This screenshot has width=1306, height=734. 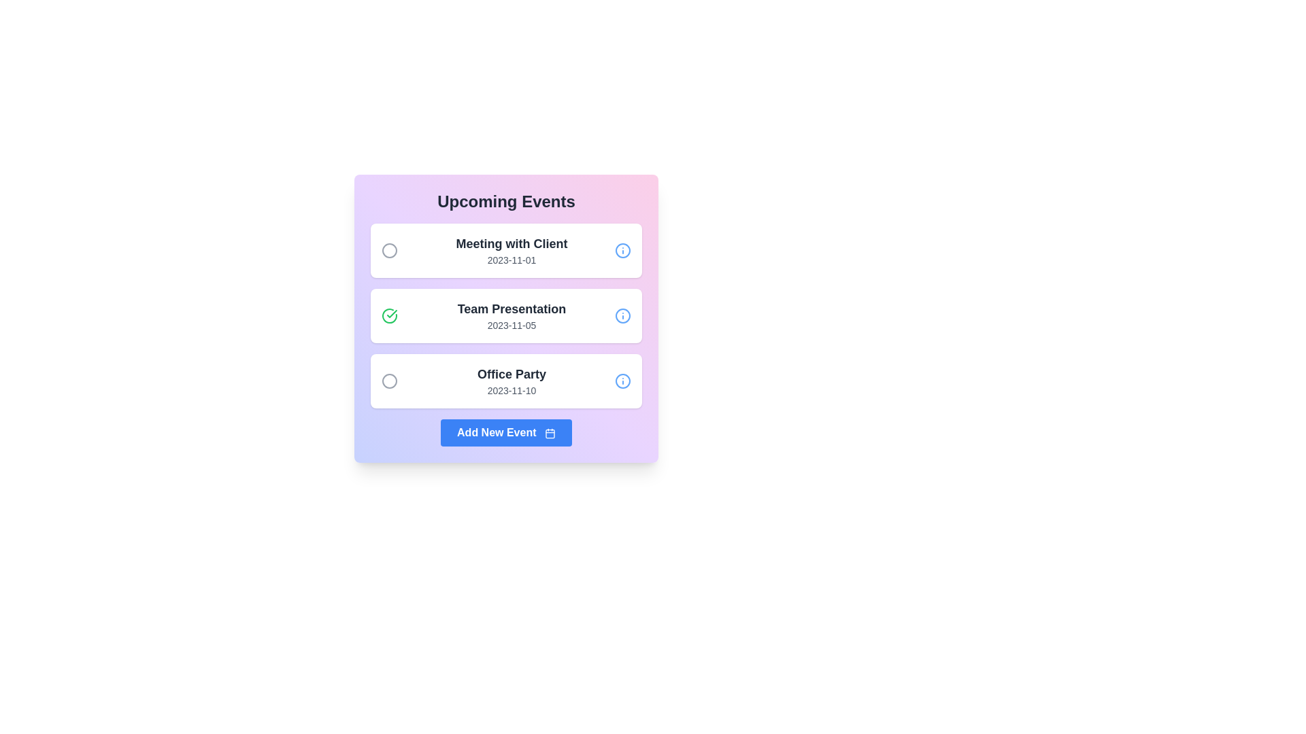 I want to click on the text label titled 'Office Party', which is the primary title within the third item of a vertical list of upcoming events, so click(x=511, y=374).